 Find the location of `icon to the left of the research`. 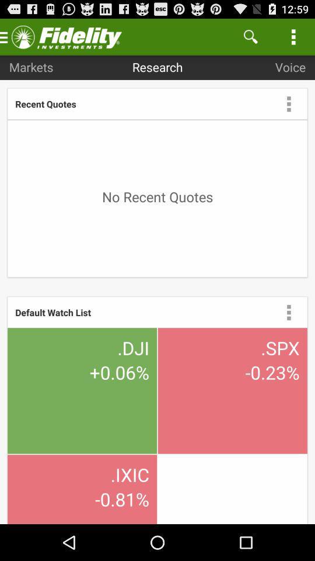

icon to the left of the research is located at coordinates (31, 67).